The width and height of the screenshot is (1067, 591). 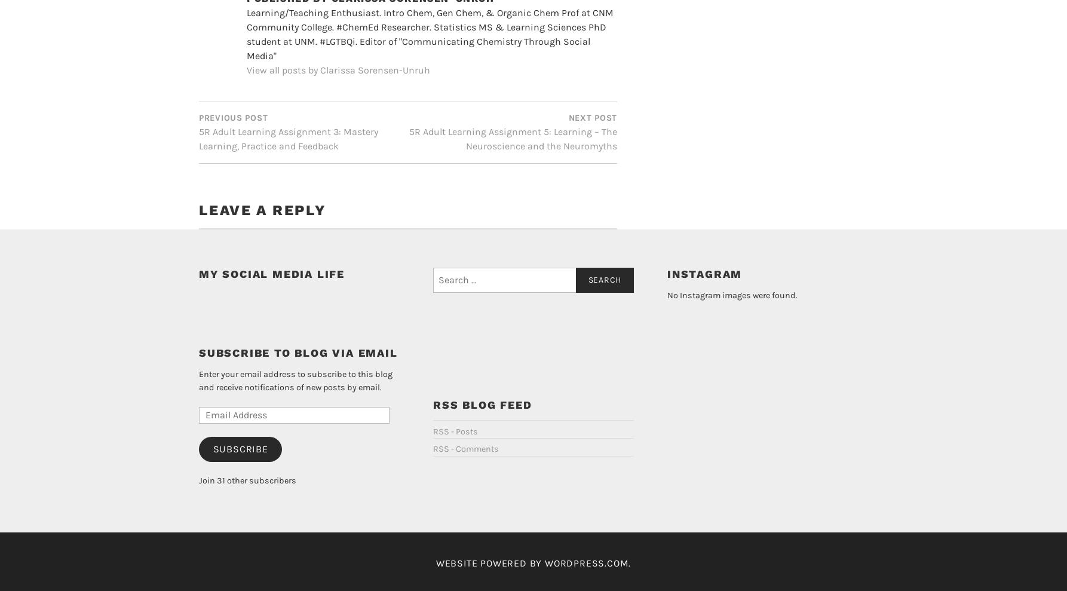 What do you see at coordinates (704, 351) in the screenshot?
I see `'Instagram'` at bounding box center [704, 351].